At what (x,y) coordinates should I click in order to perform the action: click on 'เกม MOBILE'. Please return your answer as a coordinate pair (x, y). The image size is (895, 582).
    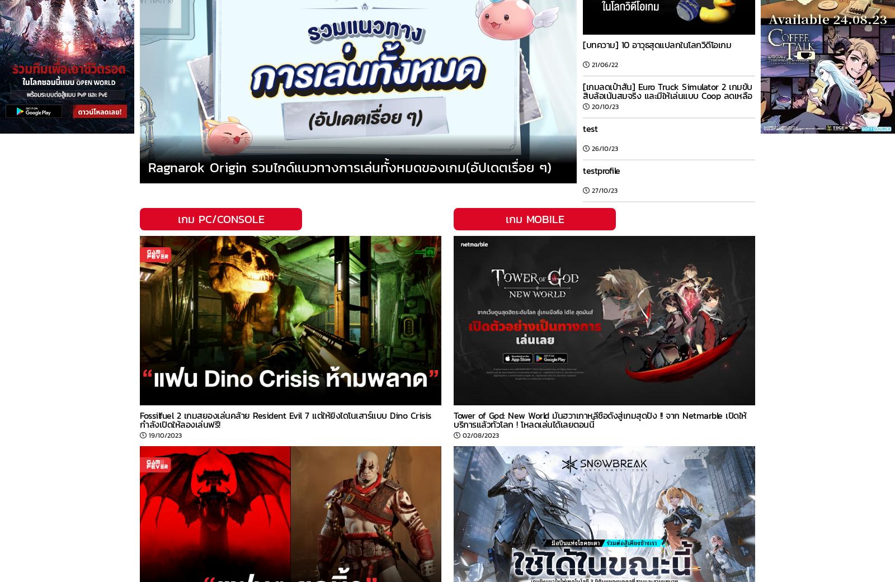
    Looking at the image, I should click on (534, 219).